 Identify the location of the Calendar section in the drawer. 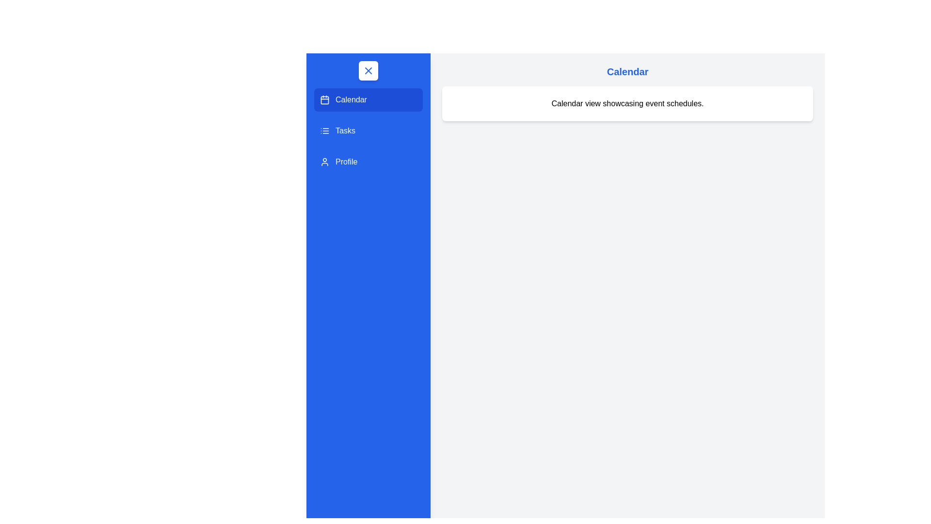
(368, 99).